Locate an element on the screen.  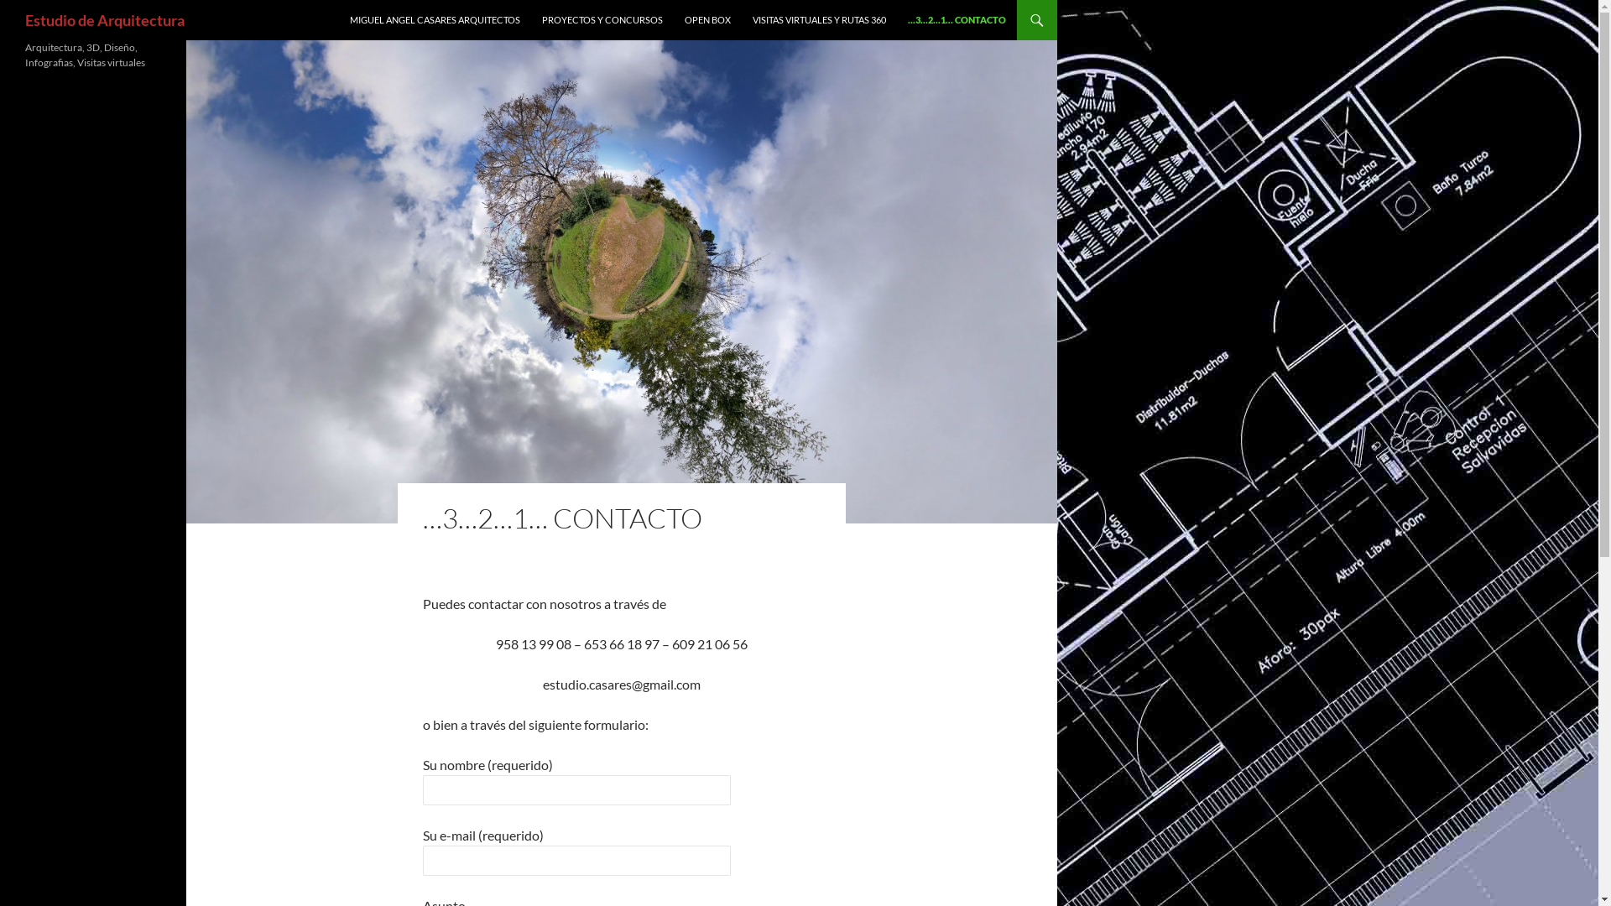
'OPEN BOX' is located at coordinates (707, 19).